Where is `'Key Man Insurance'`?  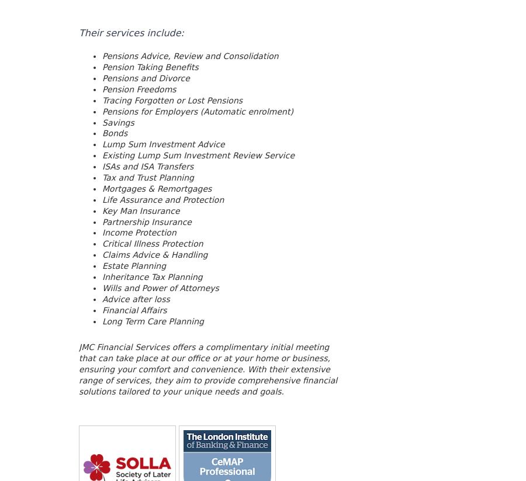
'Key Man Insurance' is located at coordinates (140, 210).